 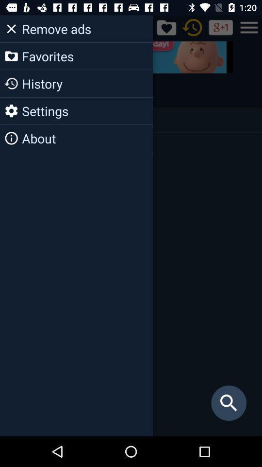 I want to click on the favorite icon, so click(x=166, y=27).